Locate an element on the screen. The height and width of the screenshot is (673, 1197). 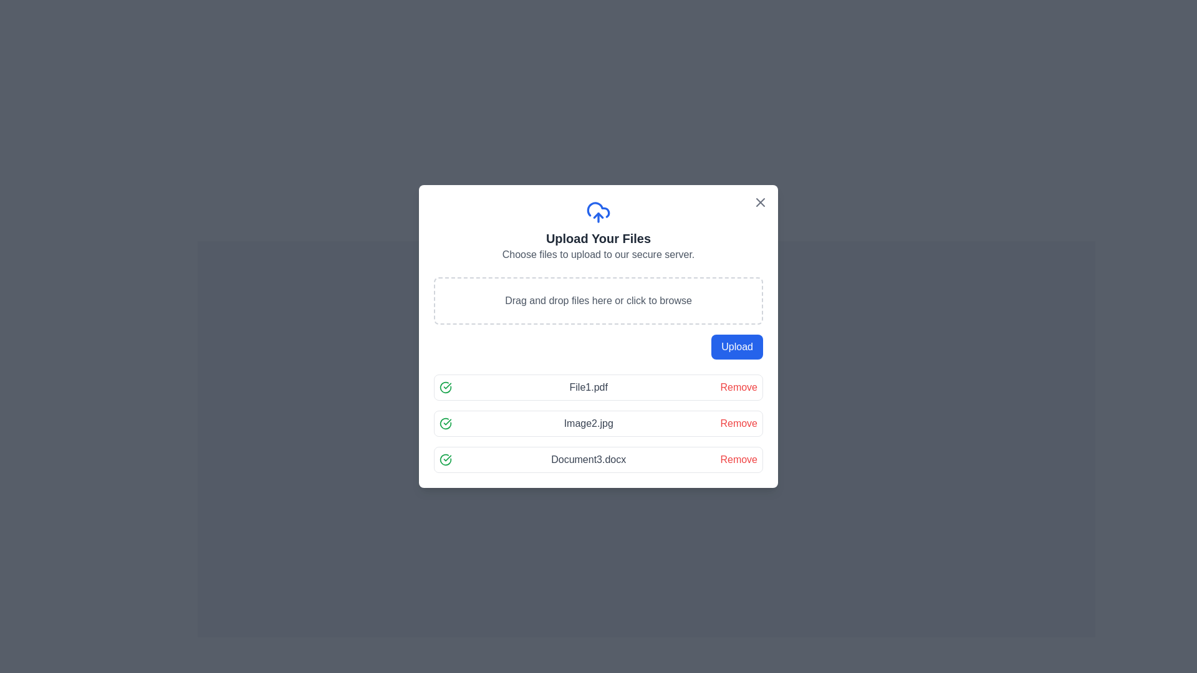
the instructional text label located below the heading 'Upload Your Files' and above the drag-and-drop area is located at coordinates (598, 254).